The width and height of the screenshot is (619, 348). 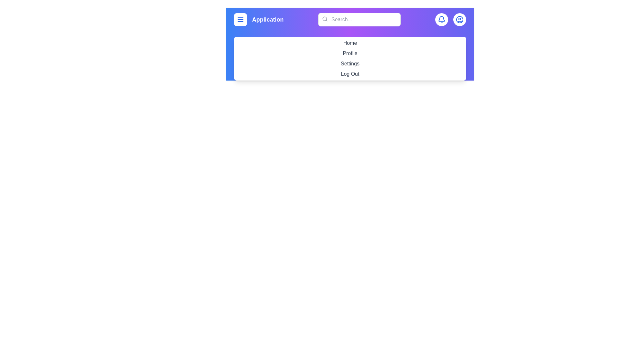 I want to click on the menu icon to toggle the menu visibility, so click(x=240, y=19).